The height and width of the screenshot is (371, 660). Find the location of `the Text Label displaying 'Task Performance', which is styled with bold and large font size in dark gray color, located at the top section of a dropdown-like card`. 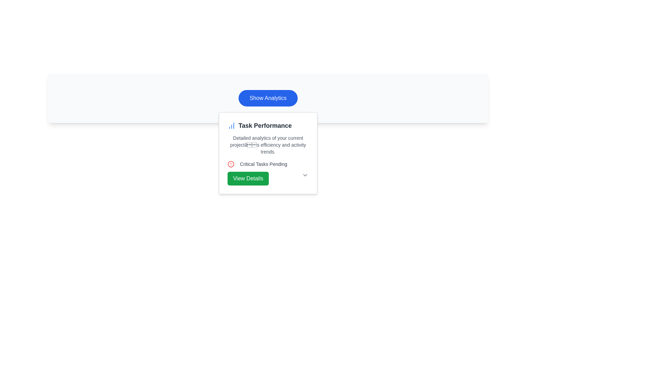

the Text Label displaying 'Task Performance', which is styled with bold and large font size in dark gray color, located at the top section of a dropdown-like card is located at coordinates (267, 126).